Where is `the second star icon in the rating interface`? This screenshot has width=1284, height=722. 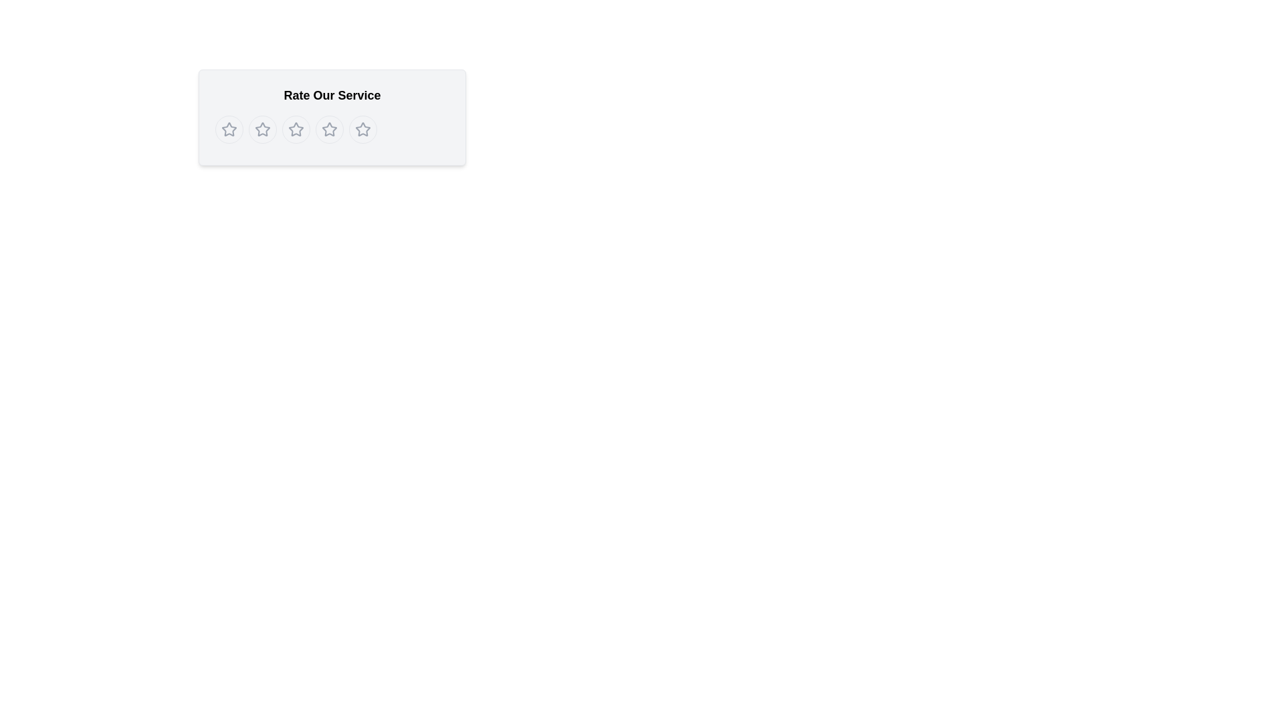
the second star icon in the rating interface is located at coordinates (263, 129).